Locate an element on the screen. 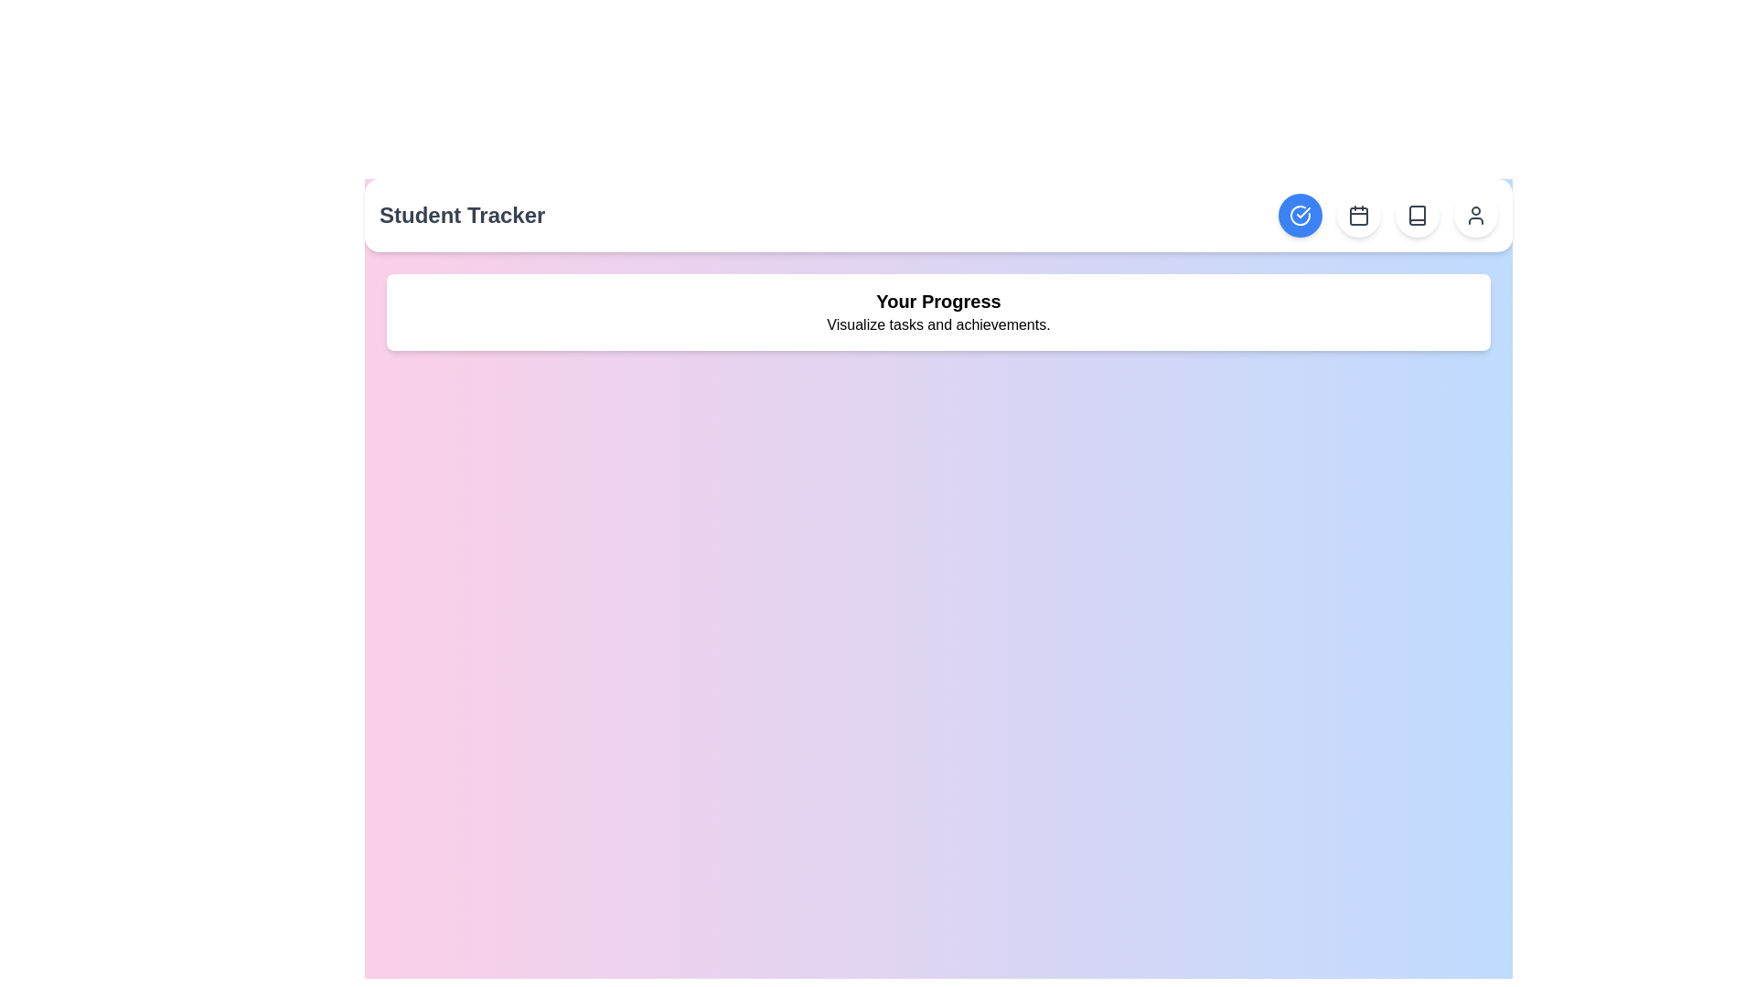 The height and width of the screenshot is (987, 1756). the button for managing book-related features located between a calendar icon button and a user icon button in the top-right corner of the layout is located at coordinates (1417, 214).